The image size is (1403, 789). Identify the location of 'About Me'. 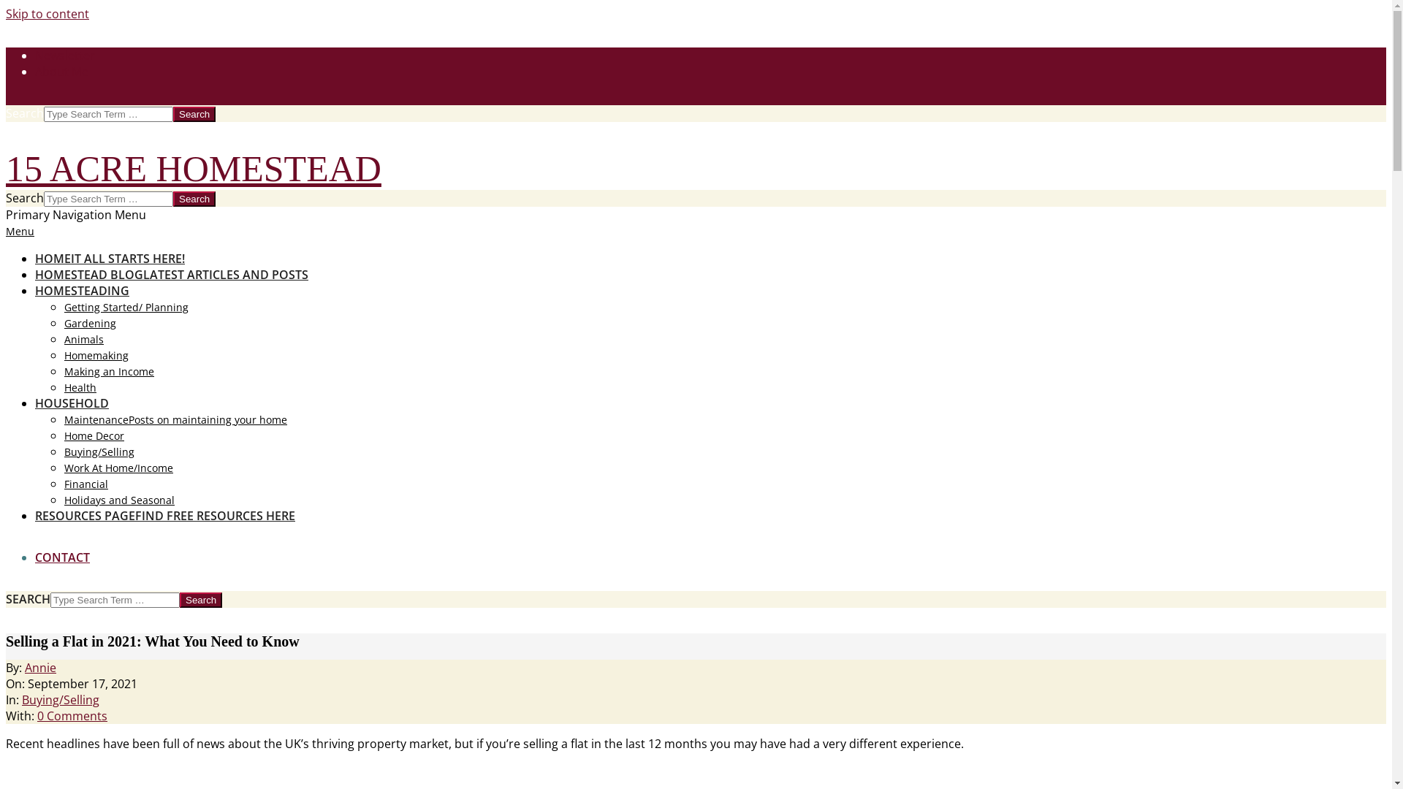
(61, 71).